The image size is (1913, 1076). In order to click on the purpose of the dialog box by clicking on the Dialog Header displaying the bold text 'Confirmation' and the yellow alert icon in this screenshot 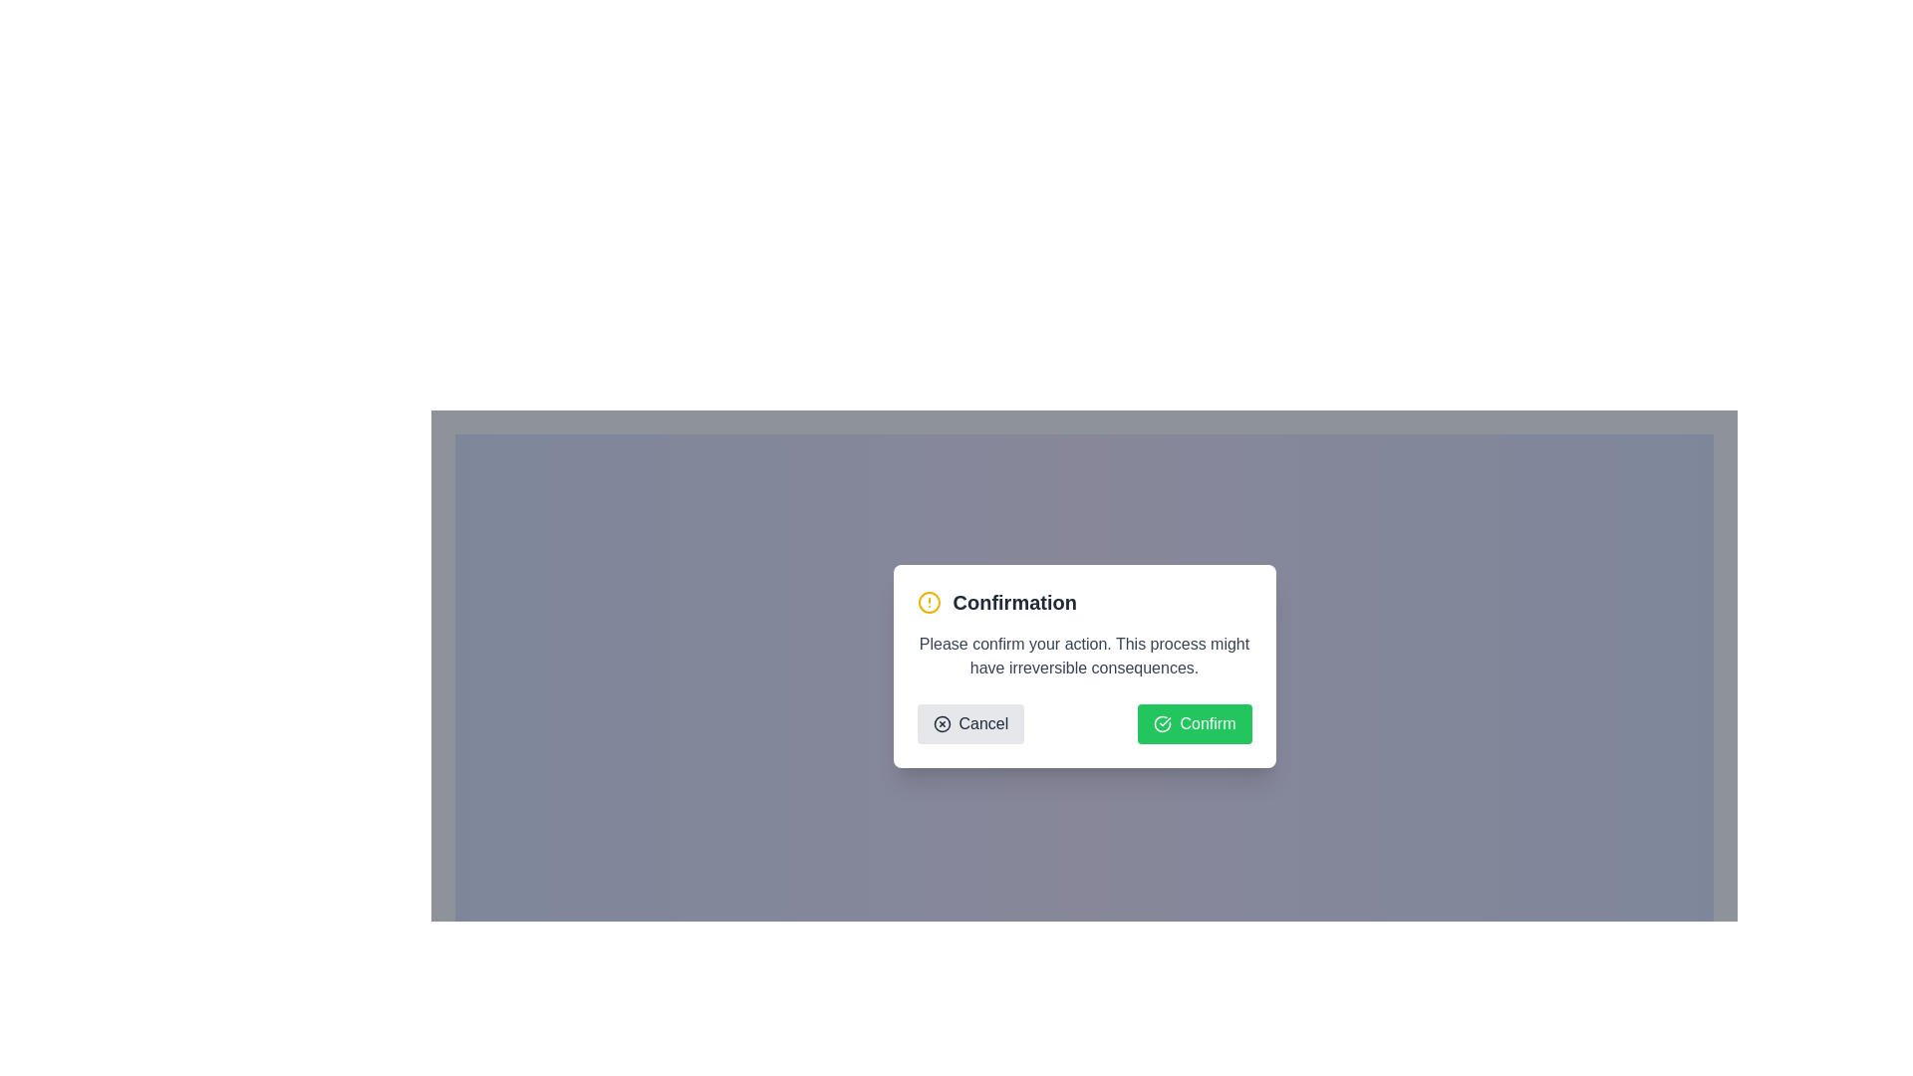, I will do `click(1083, 601)`.